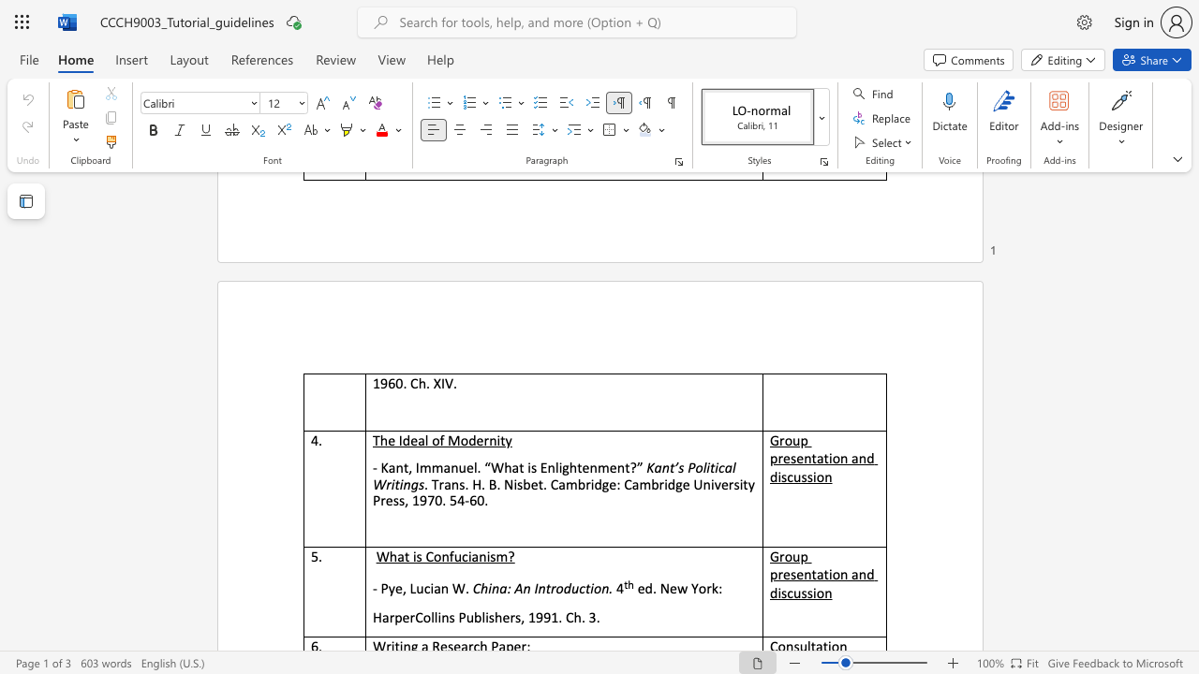 The image size is (1199, 674). Describe the element at coordinates (557, 483) in the screenshot. I see `the subset text "ambridge: Cambridg" within the text ". Trans. H. B. Nisbet. Cambridge: Cambridge University Press, 1970. 54-60."` at that location.